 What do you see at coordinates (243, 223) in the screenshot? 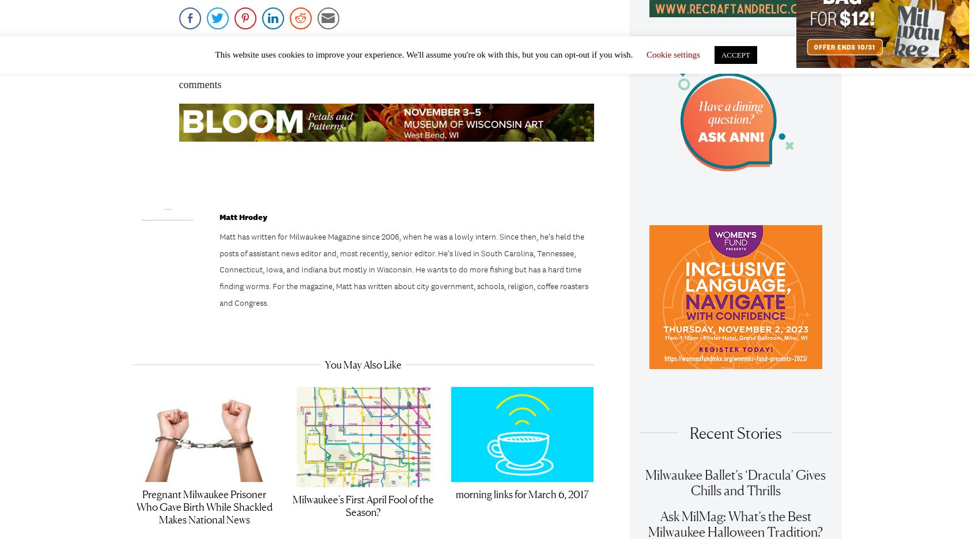
I see `'Matt Hrodey'` at bounding box center [243, 223].